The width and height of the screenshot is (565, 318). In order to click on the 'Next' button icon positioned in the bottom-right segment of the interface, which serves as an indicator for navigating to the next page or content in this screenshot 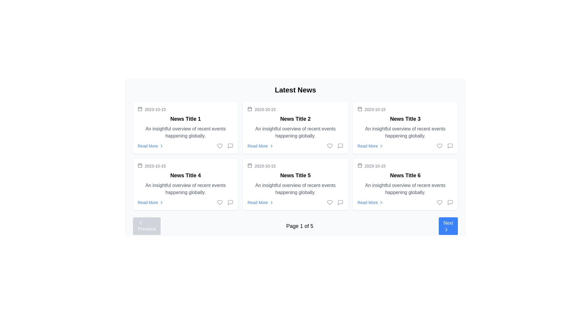, I will do `click(446, 229)`.